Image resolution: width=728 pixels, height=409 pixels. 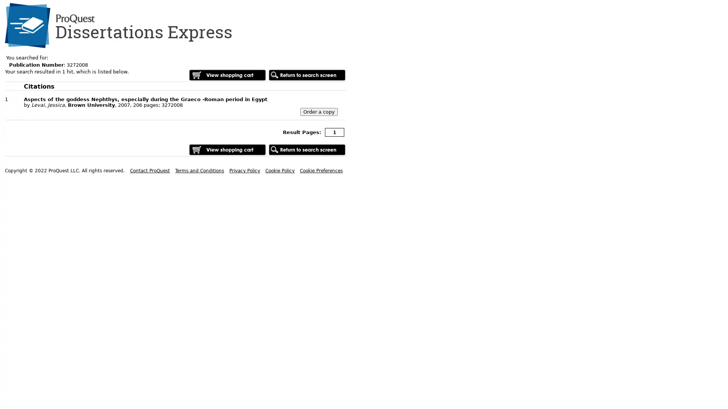 I want to click on Order a copy, so click(x=319, y=112).